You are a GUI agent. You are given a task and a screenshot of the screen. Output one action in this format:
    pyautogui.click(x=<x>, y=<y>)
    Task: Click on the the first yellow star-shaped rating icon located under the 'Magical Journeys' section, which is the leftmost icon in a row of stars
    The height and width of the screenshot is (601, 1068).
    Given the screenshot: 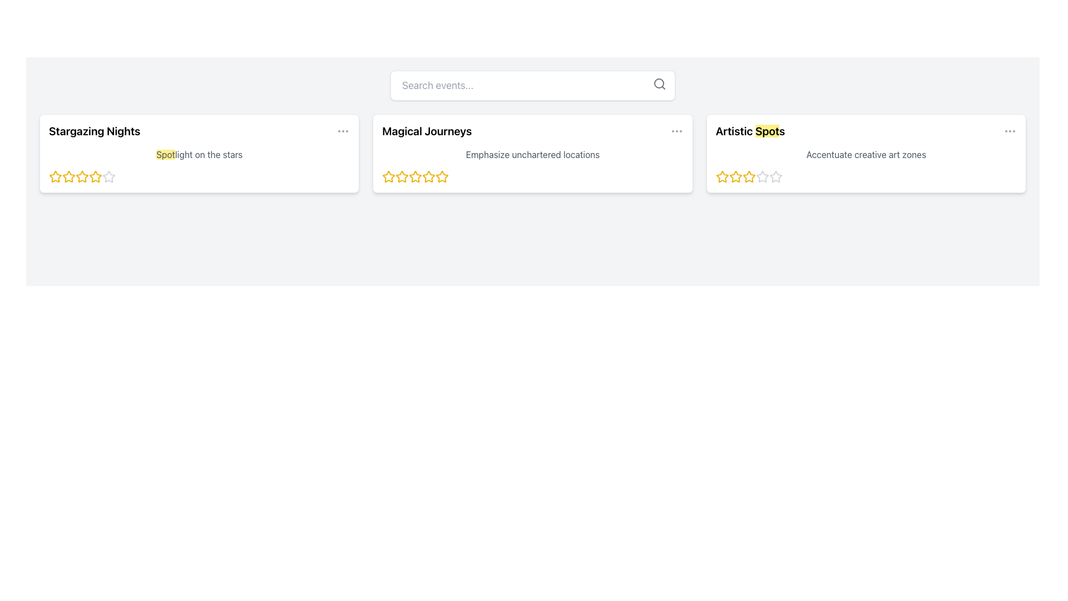 What is the action you would take?
    pyautogui.click(x=389, y=176)
    